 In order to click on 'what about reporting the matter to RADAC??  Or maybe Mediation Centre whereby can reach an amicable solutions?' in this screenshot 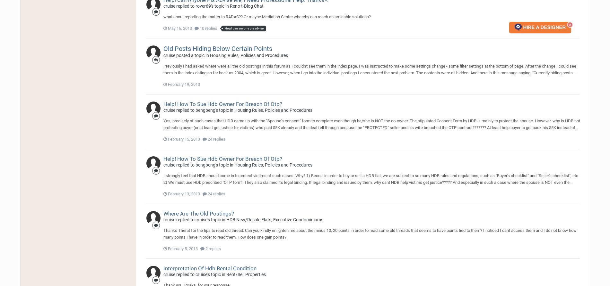, I will do `click(266, 17)`.